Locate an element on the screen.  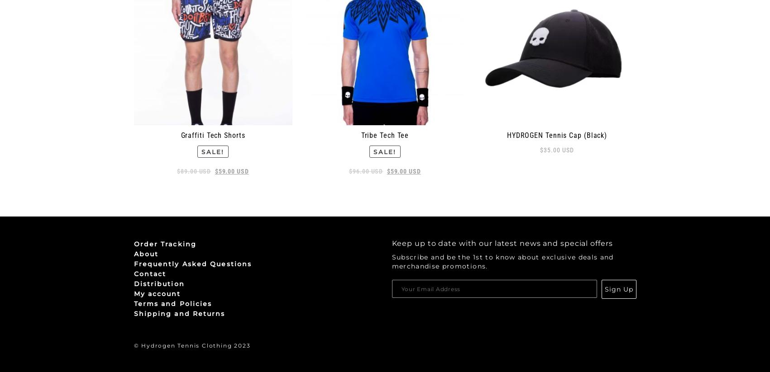
'Terms and Policies' is located at coordinates (172, 303).